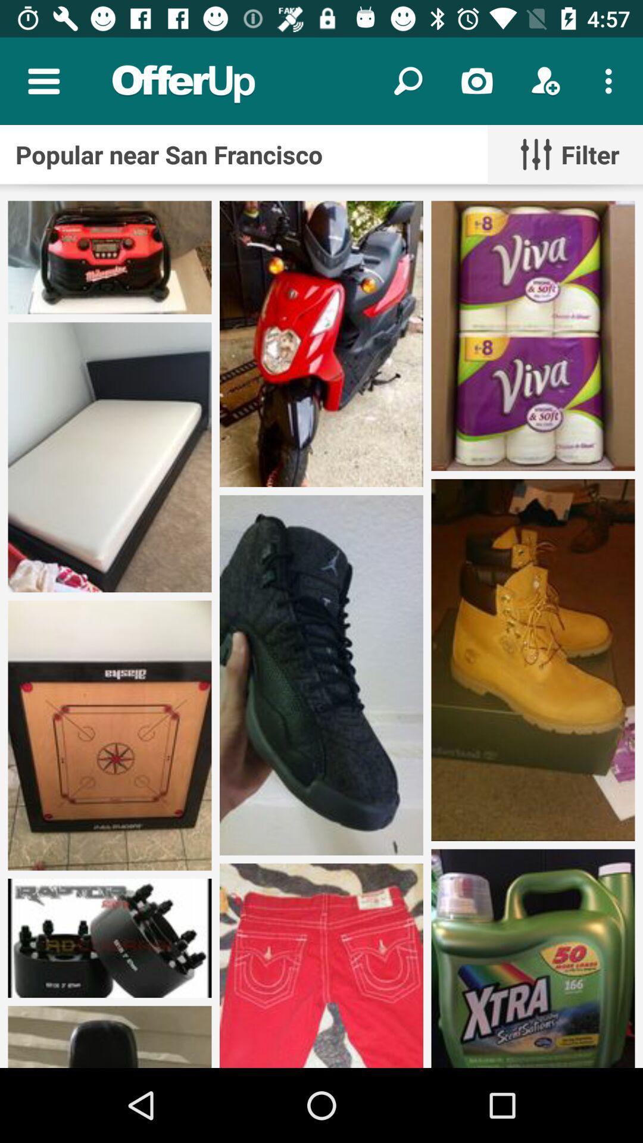 The image size is (643, 1143). Describe the element at coordinates (110, 457) in the screenshot. I see `the bed image` at that location.